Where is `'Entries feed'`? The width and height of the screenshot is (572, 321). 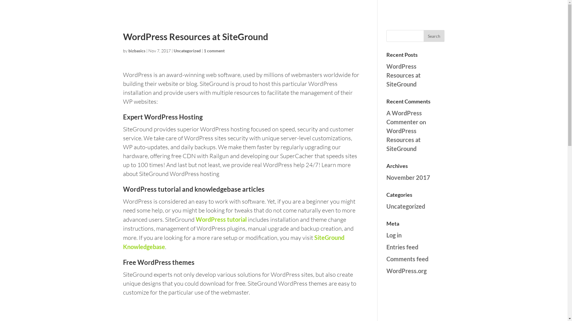 'Entries feed' is located at coordinates (386, 247).